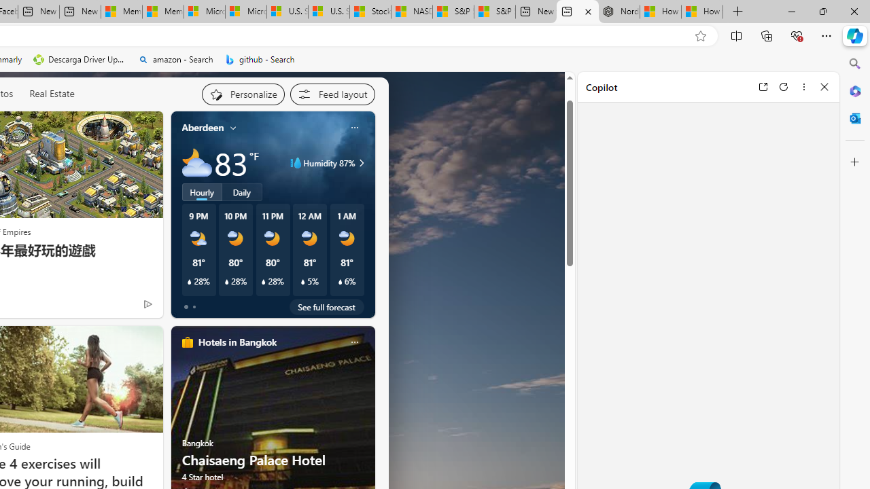 This screenshot has height=489, width=870. What do you see at coordinates (854, 162) in the screenshot?
I see `'Customize'` at bounding box center [854, 162].